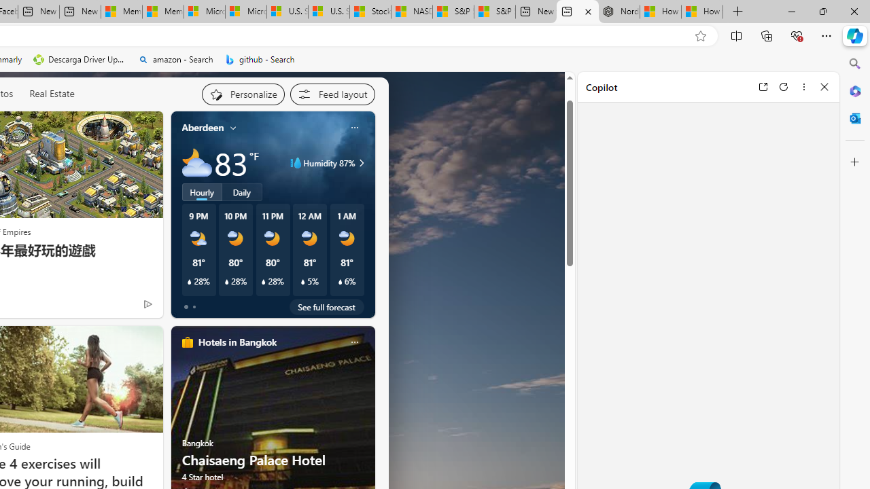 This screenshot has height=489, width=870. What do you see at coordinates (854, 162) in the screenshot?
I see `'Customize'` at bounding box center [854, 162].